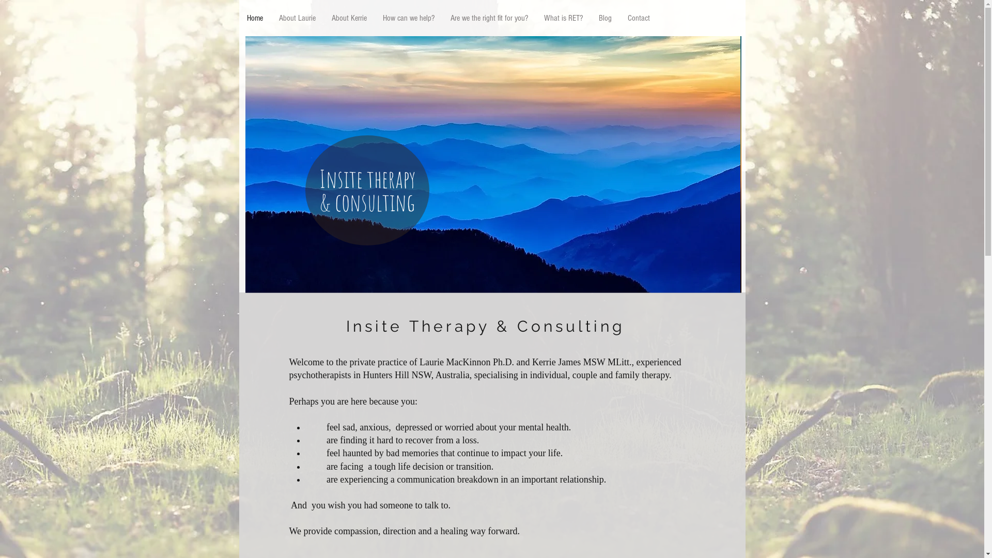 The width and height of the screenshot is (992, 558). I want to click on 'Contact', so click(619, 18).